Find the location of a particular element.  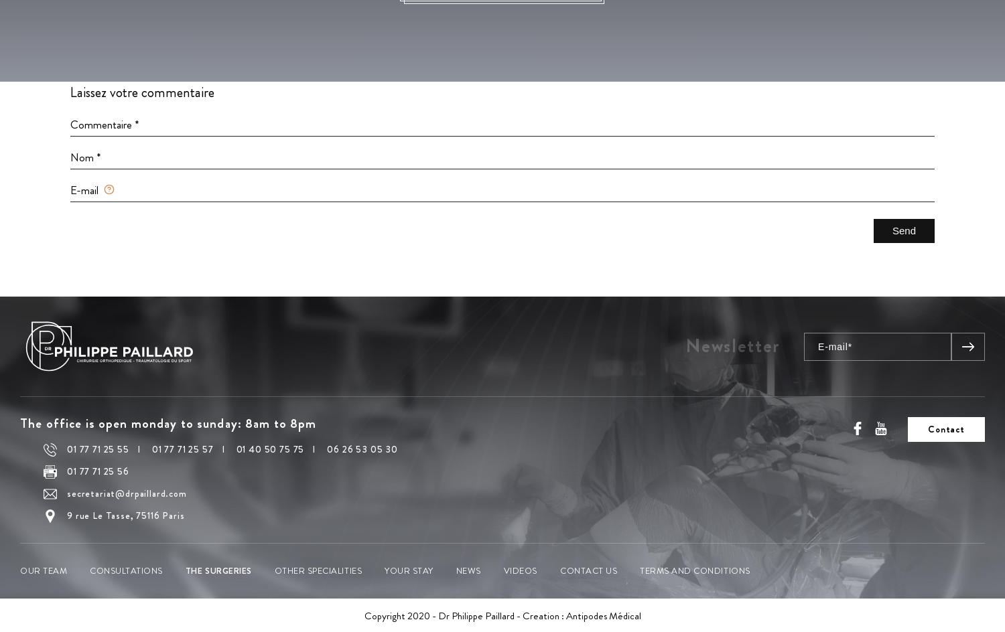

'Consultations' is located at coordinates (125, 570).